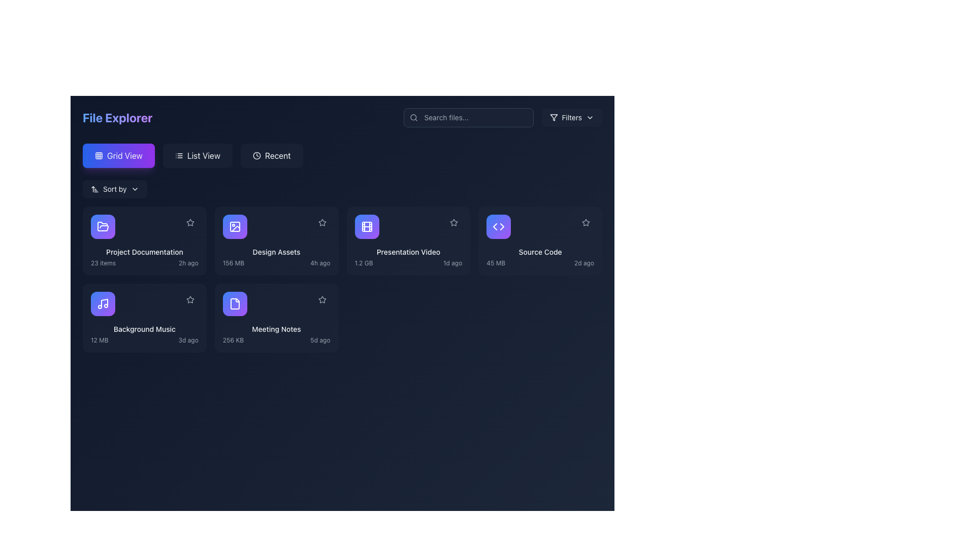  I want to click on the 'List View' button, so click(198, 156).